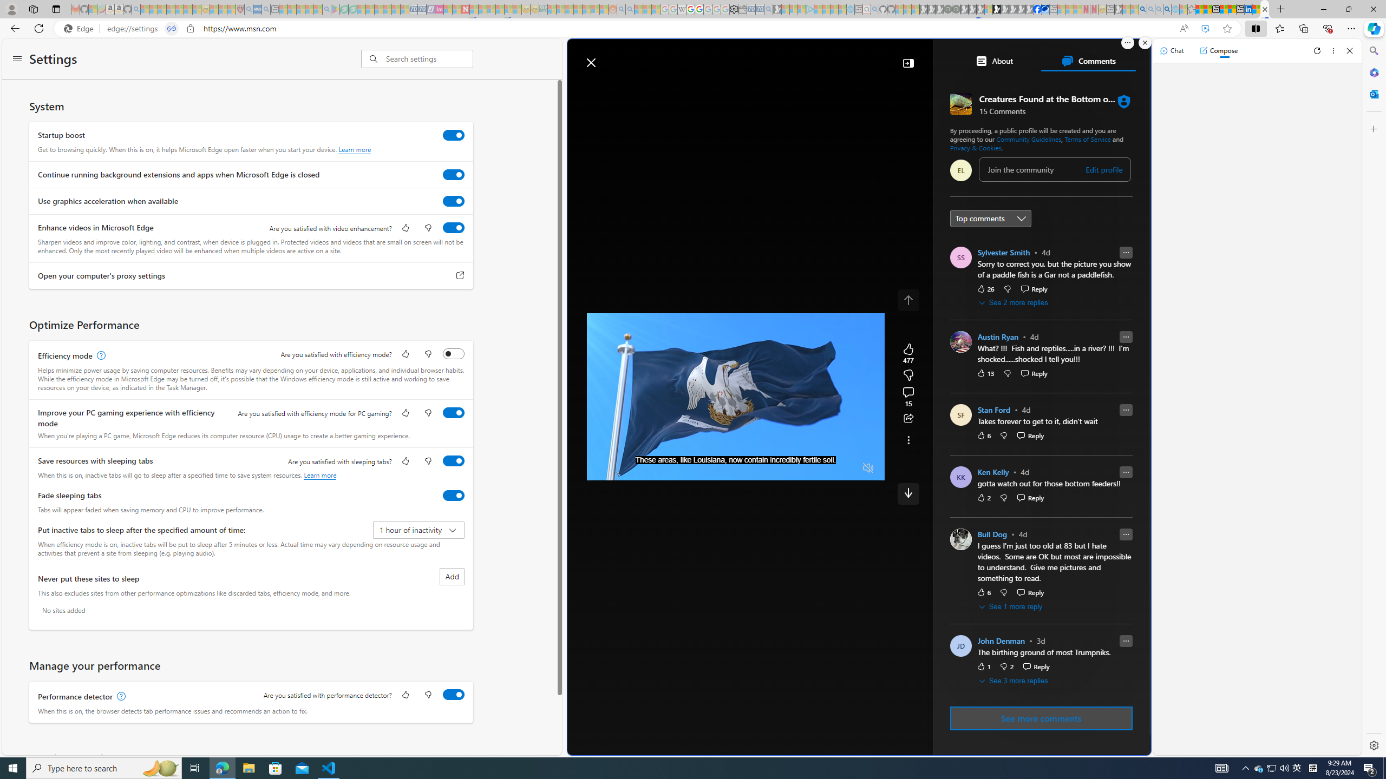 The image size is (1386, 779). I want to click on 'Ken Kelly', so click(993, 472).